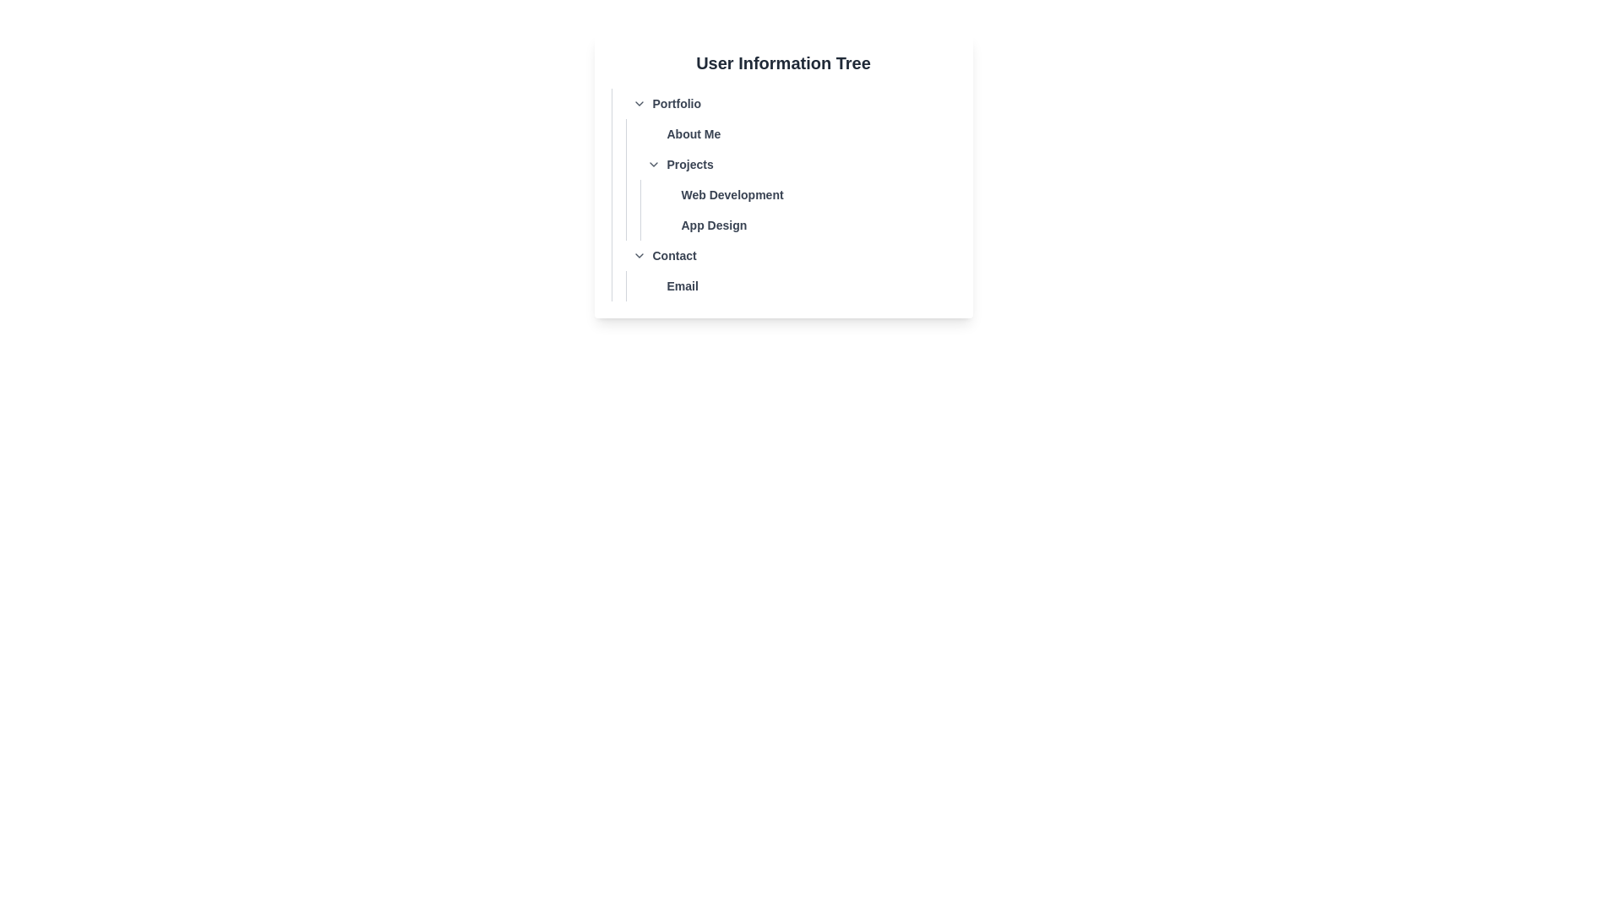  What do you see at coordinates (804, 224) in the screenshot?
I see `the 'App Design' text label within the 'Projects' section by navigating with the keyboard` at bounding box center [804, 224].